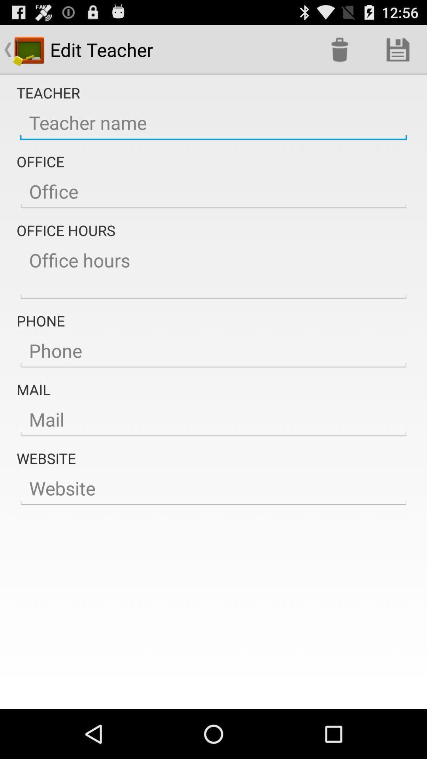 This screenshot has height=759, width=427. I want to click on office name fillup box, so click(213, 192).